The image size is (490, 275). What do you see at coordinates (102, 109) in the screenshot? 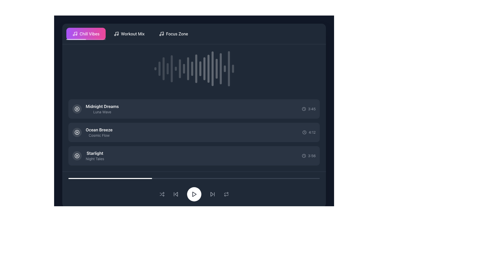
I see `the text block displaying the song title and subtitle, which is the first item in a vertical list of song entries` at bounding box center [102, 109].